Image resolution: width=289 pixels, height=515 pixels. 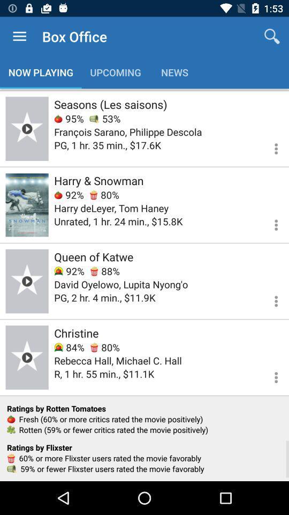 I want to click on options, so click(x=269, y=299).